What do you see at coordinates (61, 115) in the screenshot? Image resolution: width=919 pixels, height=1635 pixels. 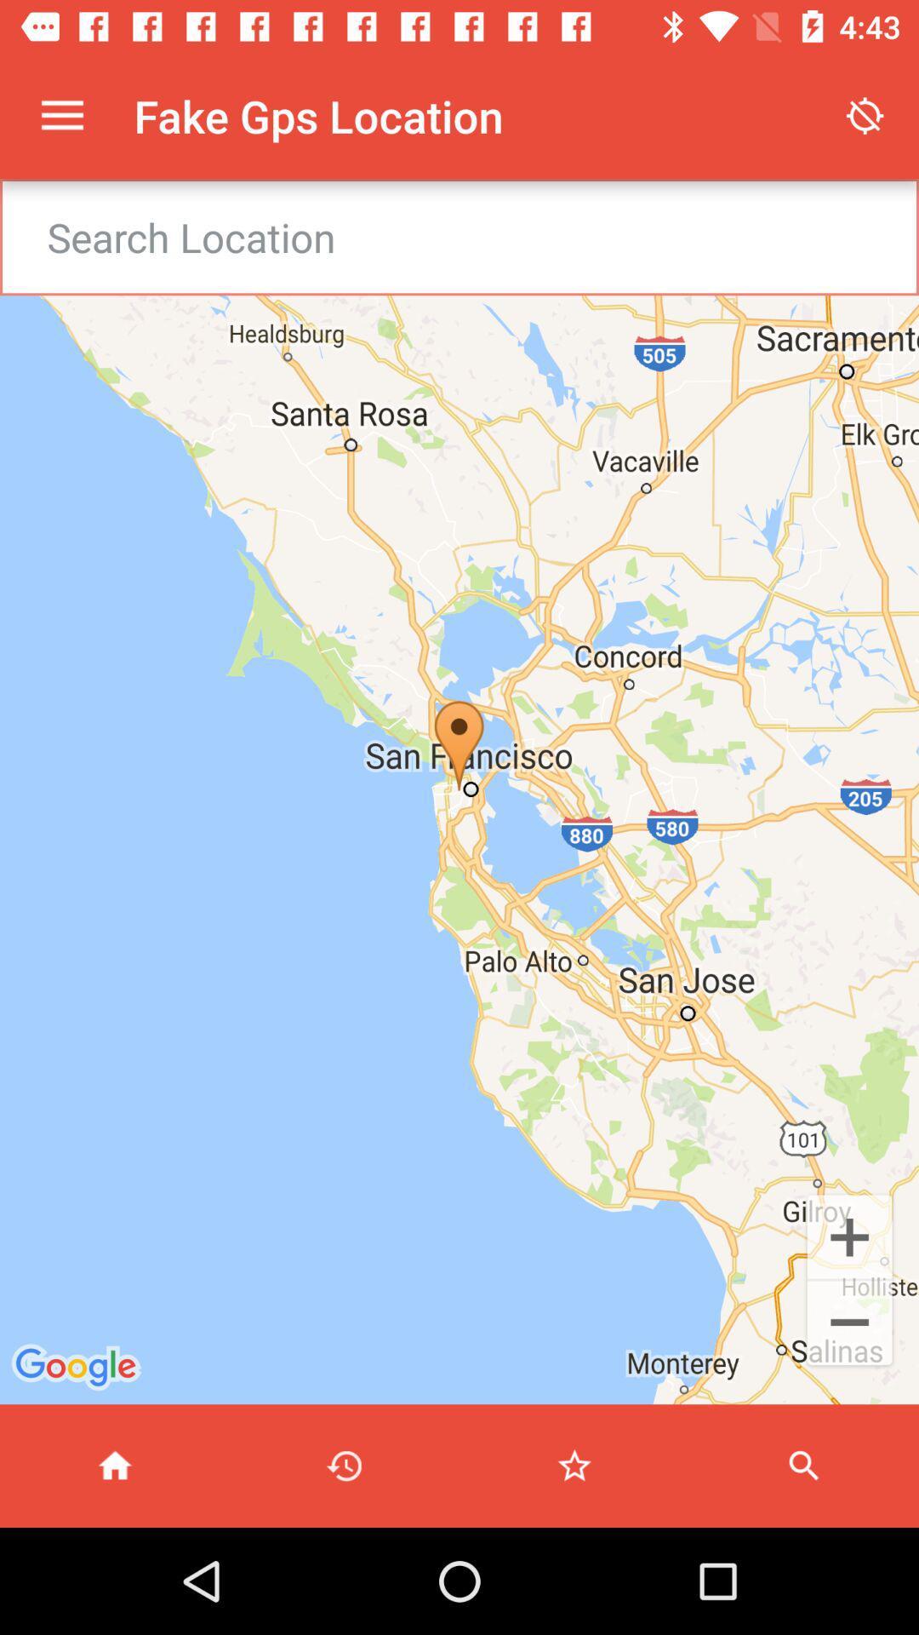 I see `app to the left of fake gps location` at bounding box center [61, 115].